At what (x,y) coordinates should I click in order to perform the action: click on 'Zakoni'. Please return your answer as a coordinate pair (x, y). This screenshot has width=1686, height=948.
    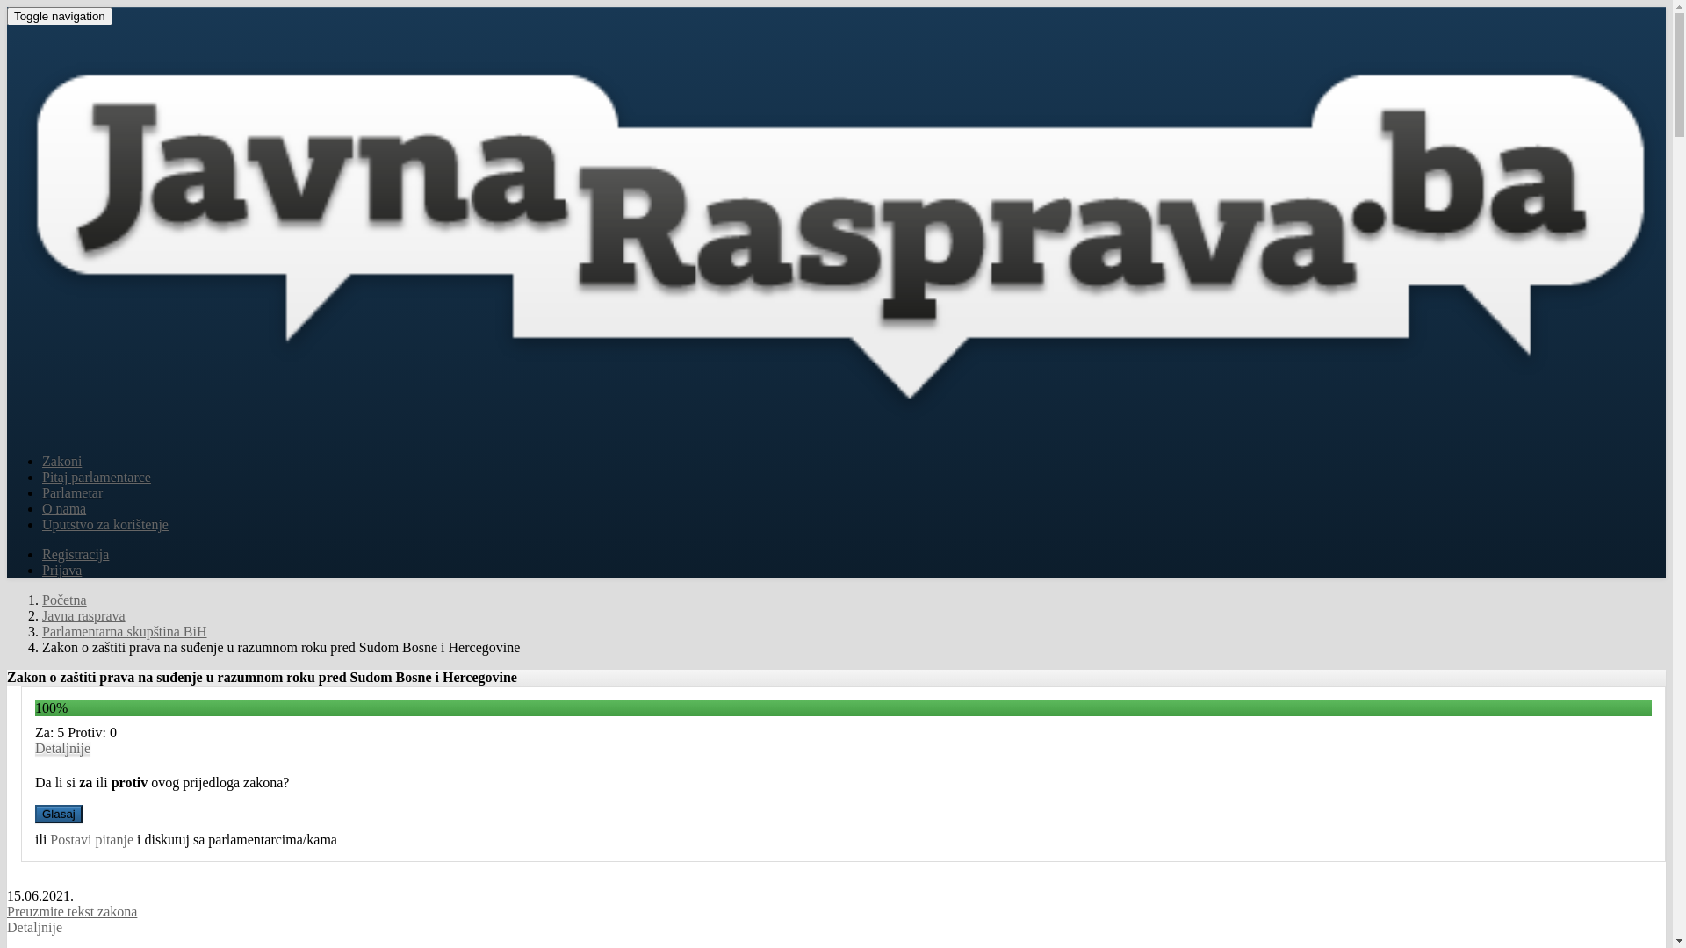
    Looking at the image, I should click on (61, 460).